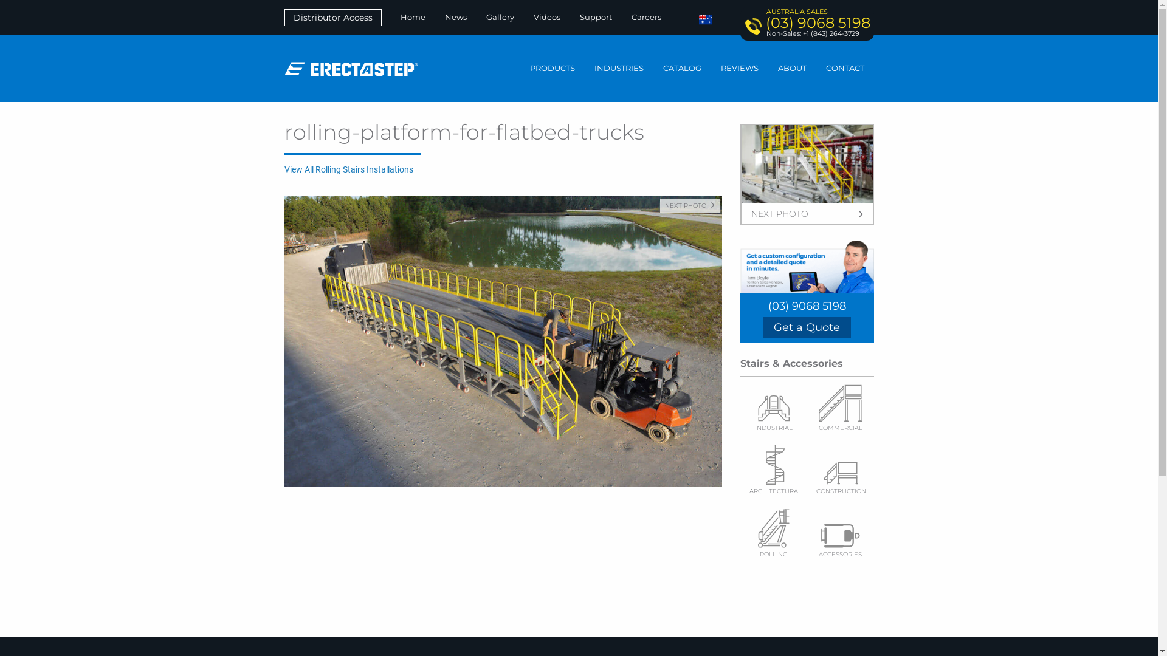 This screenshot has height=656, width=1167. What do you see at coordinates (681, 68) in the screenshot?
I see `'CATALOG'` at bounding box center [681, 68].